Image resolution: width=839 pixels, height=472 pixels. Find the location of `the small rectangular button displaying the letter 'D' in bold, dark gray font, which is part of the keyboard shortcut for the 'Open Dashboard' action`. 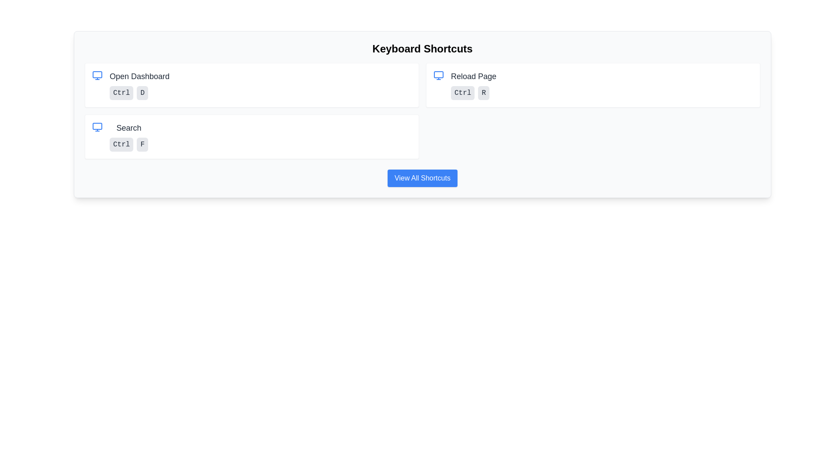

the small rectangular button displaying the letter 'D' in bold, dark gray font, which is part of the keyboard shortcut for the 'Open Dashboard' action is located at coordinates (142, 93).